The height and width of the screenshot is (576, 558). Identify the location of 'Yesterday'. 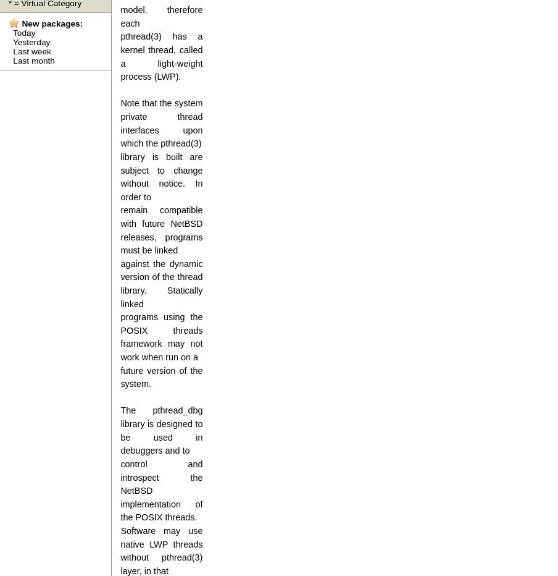
(30, 41).